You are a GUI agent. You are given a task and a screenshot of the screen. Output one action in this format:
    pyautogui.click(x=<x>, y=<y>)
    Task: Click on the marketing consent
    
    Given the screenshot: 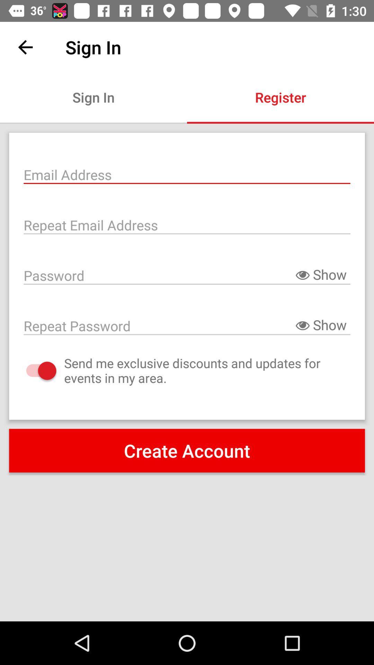 What is the action you would take?
    pyautogui.click(x=34, y=370)
    